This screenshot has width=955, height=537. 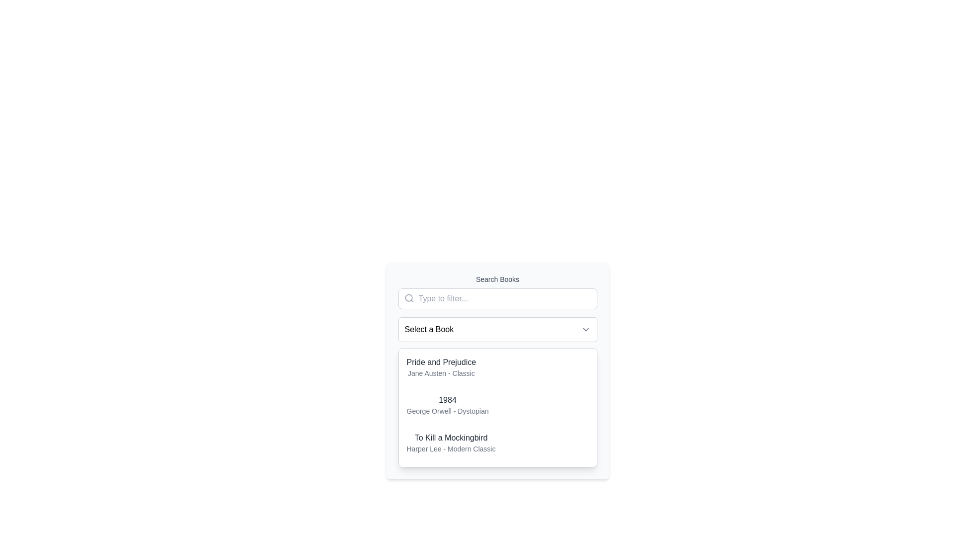 I want to click on the text label displaying the book title 'To Kill a Mockingbird', which is located under the option 'Select a Book' and is the last item in the list, so click(x=451, y=437).